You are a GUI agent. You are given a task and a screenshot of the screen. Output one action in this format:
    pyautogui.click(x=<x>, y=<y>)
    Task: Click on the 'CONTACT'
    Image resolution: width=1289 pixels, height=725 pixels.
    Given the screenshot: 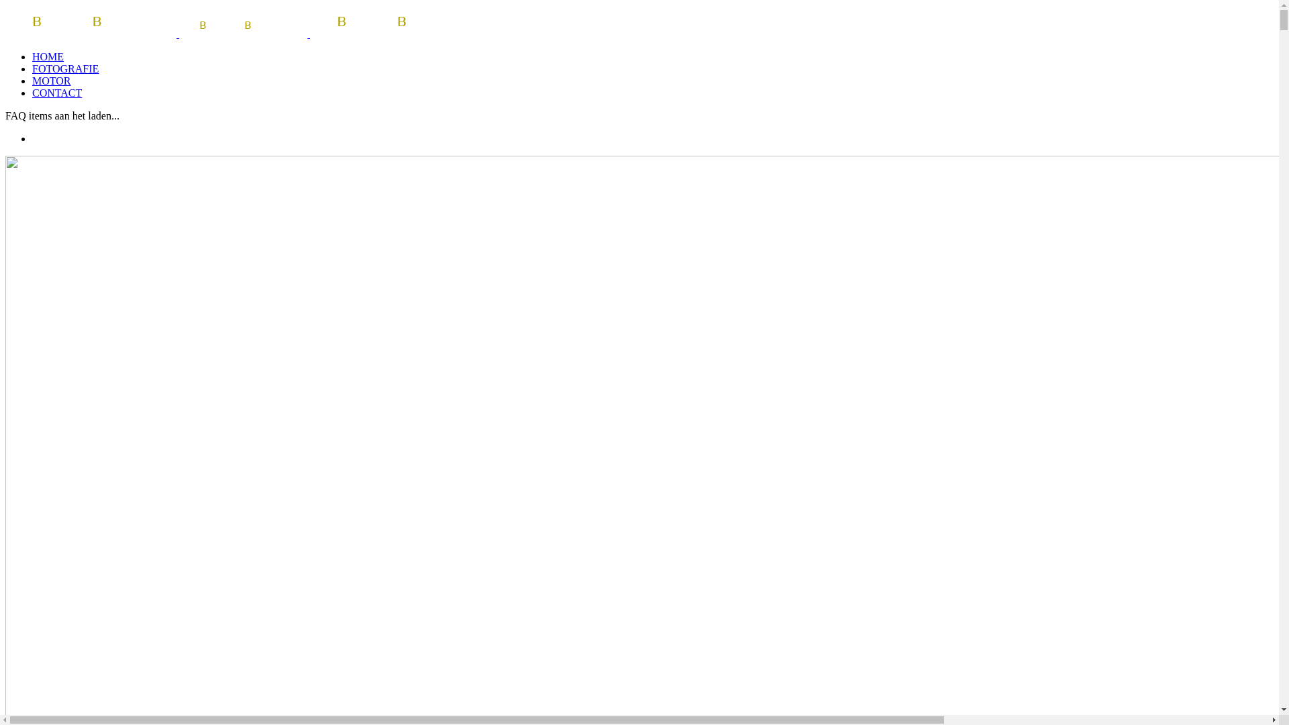 What is the action you would take?
    pyautogui.click(x=56, y=92)
    